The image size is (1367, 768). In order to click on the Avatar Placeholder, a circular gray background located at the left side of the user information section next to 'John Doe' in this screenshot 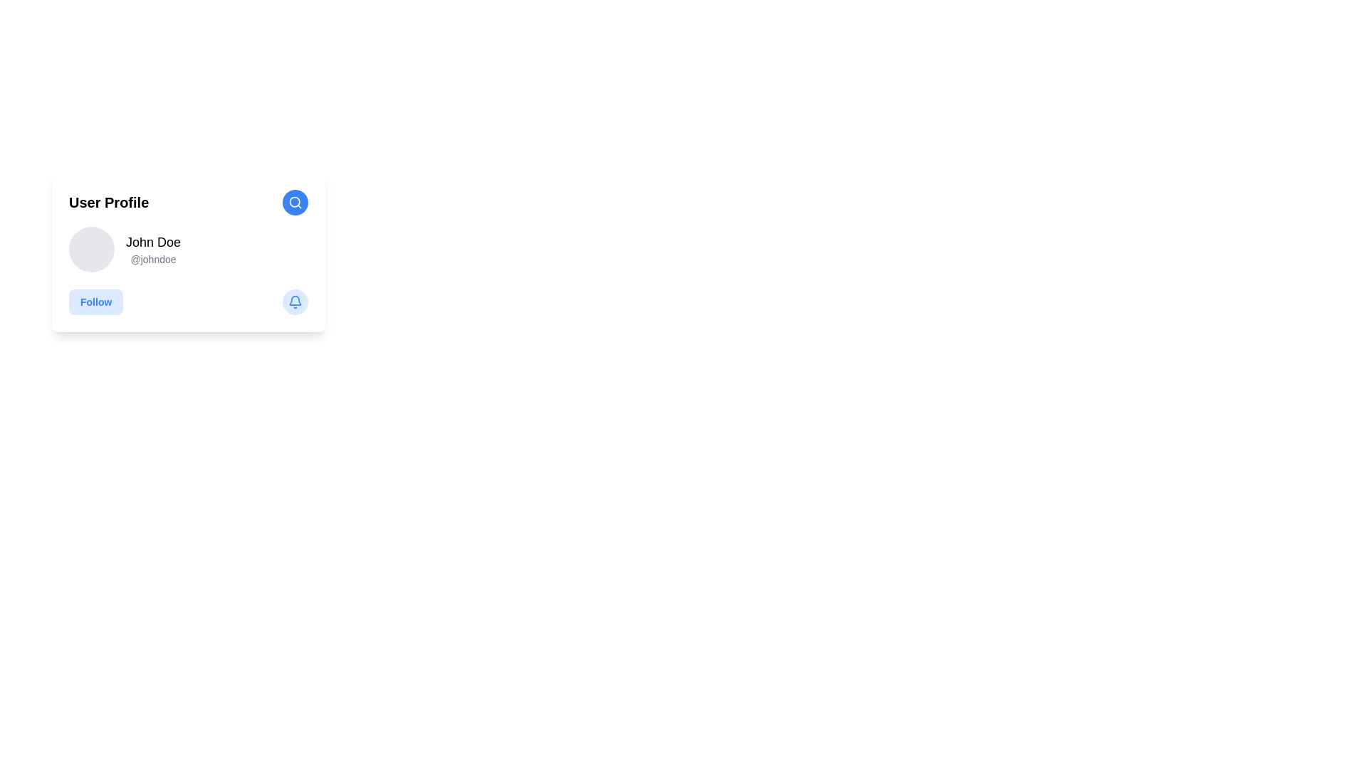, I will do `click(91, 249)`.